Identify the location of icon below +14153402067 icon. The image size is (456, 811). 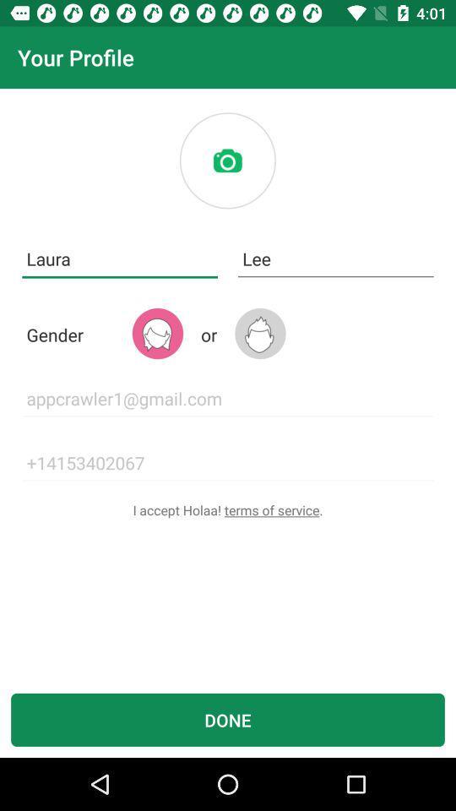
(228, 509).